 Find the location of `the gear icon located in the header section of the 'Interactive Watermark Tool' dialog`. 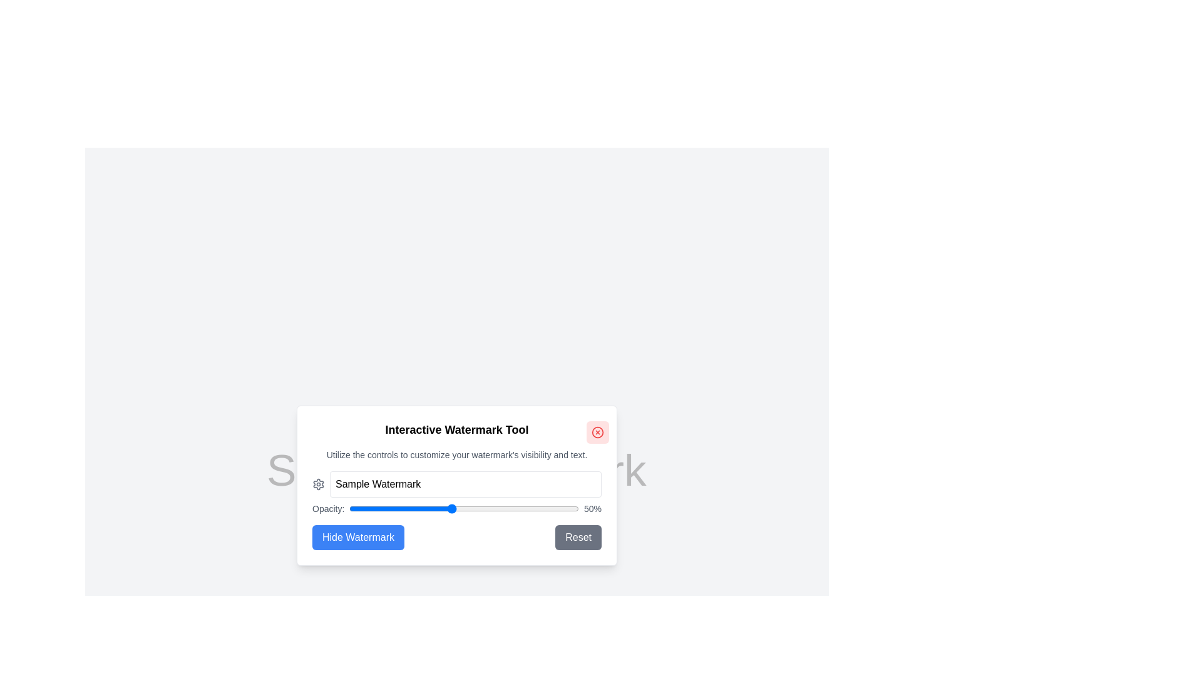

the gear icon located in the header section of the 'Interactive Watermark Tool' dialog is located at coordinates (318, 484).